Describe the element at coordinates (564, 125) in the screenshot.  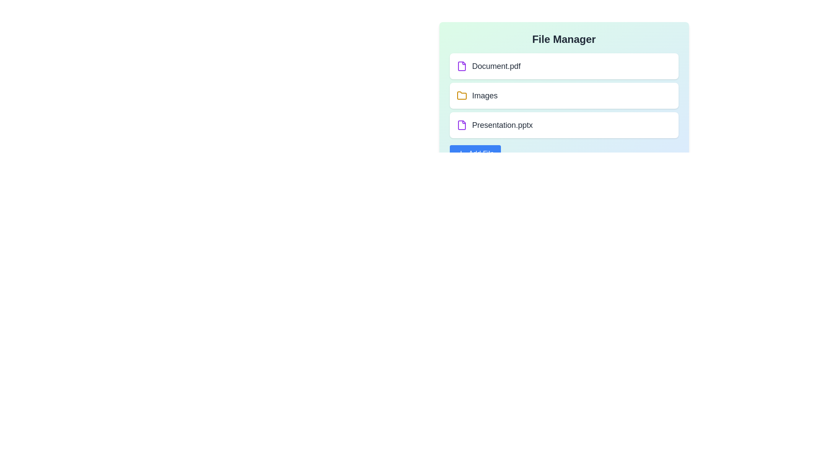
I see `the item Presentation.pptx from the list` at that location.